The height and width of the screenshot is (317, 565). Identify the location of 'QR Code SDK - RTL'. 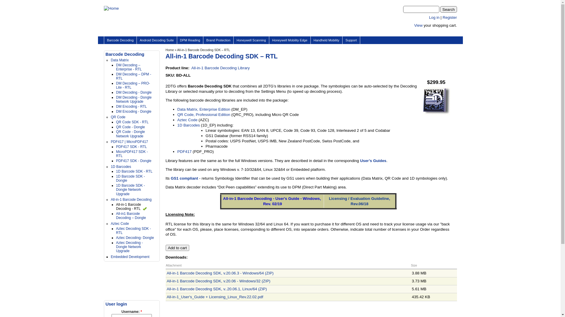
(132, 122).